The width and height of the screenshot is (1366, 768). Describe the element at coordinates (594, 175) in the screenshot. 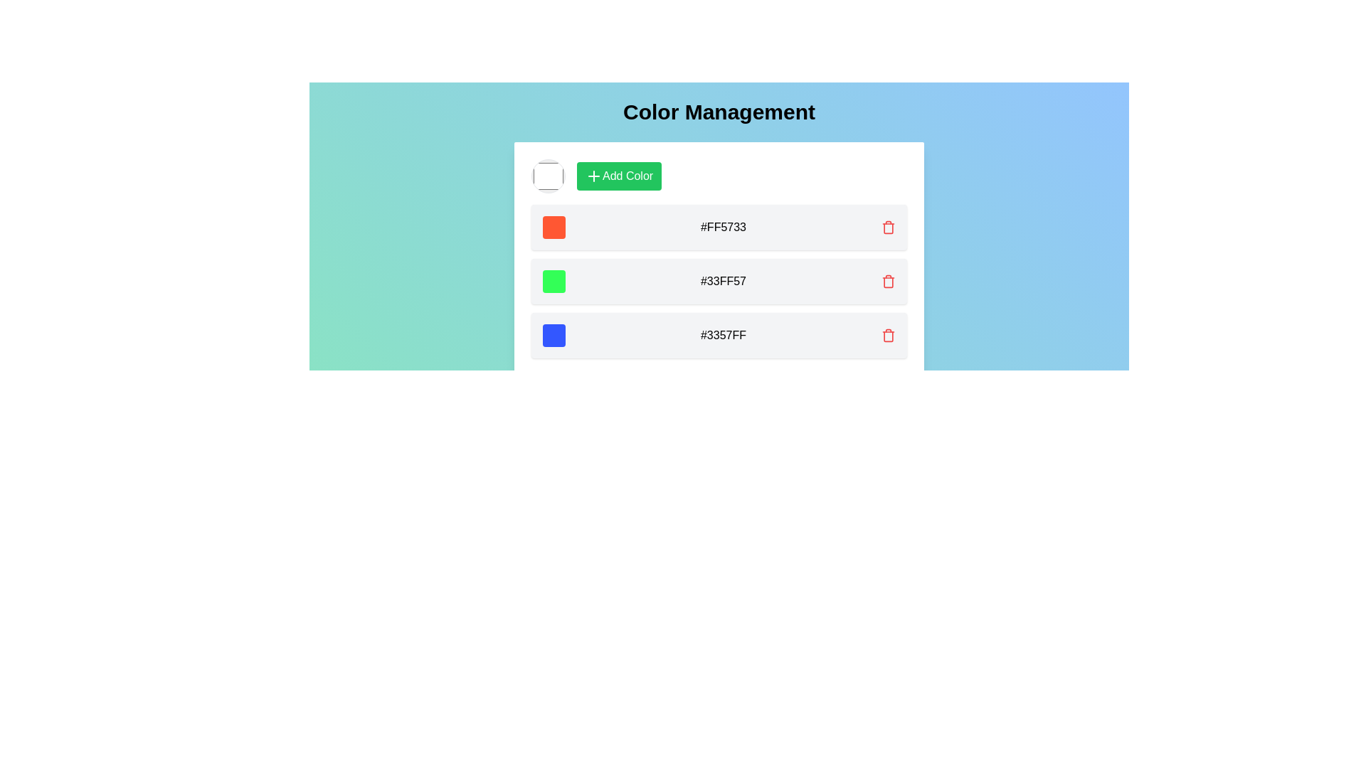

I see `the plus icon located at the left side of the green 'Add Color' button, which has a thin outline and intersecting lines, positioned below the 'Color Management' title` at that location.